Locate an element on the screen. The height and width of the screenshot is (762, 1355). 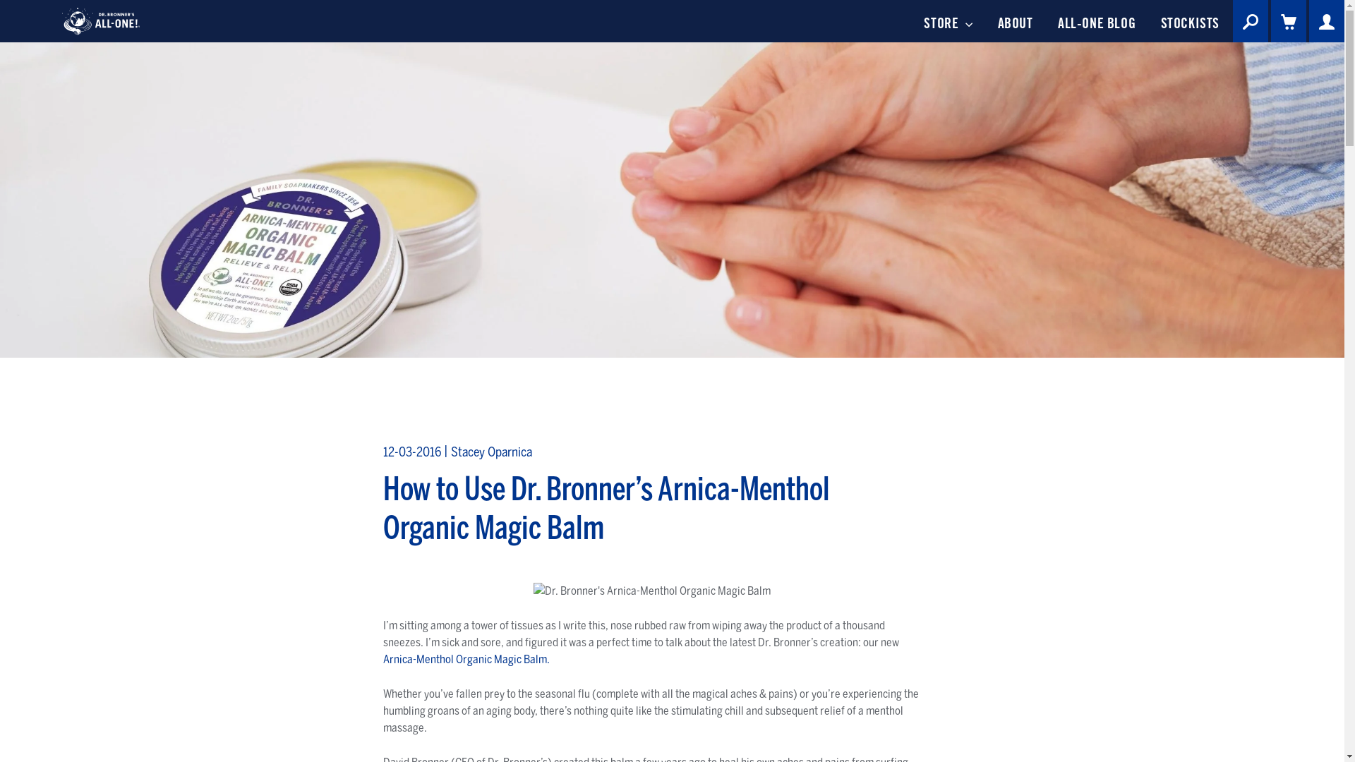
'Arnica-Menthol Organic Magic Balm.' is located at coordinates (466, 659).